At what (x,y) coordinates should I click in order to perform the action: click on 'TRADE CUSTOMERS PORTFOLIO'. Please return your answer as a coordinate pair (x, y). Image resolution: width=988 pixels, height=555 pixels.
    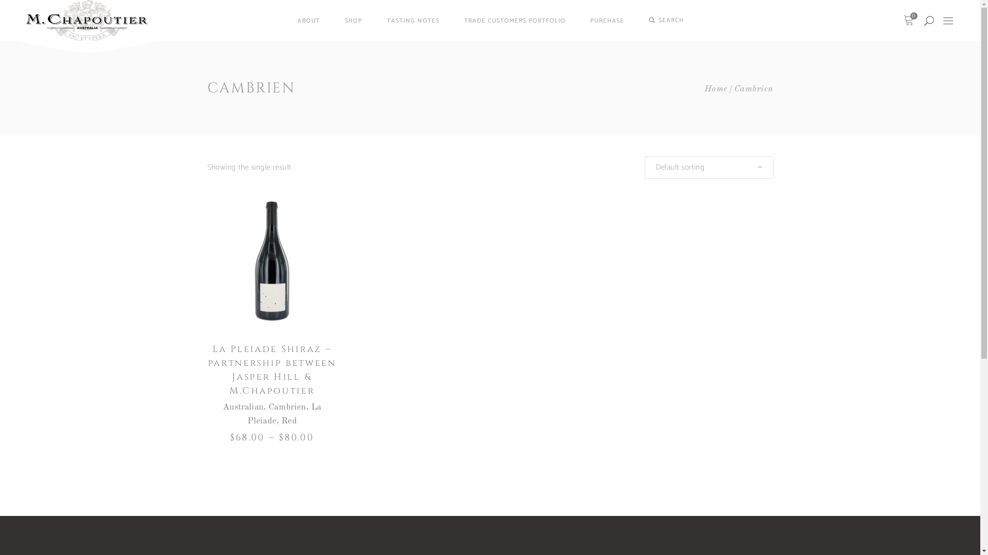
    Looking at the image, I should click on (515, 20).